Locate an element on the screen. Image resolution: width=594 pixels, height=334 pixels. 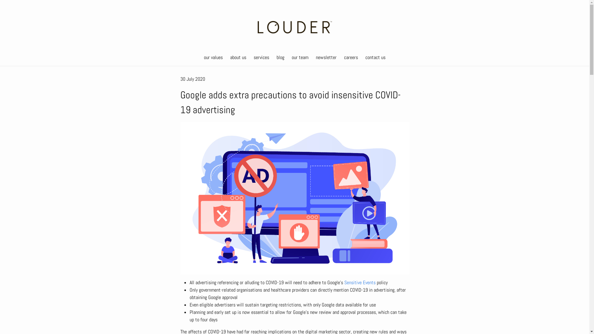
'blog' is located at coordinates (276, 57).